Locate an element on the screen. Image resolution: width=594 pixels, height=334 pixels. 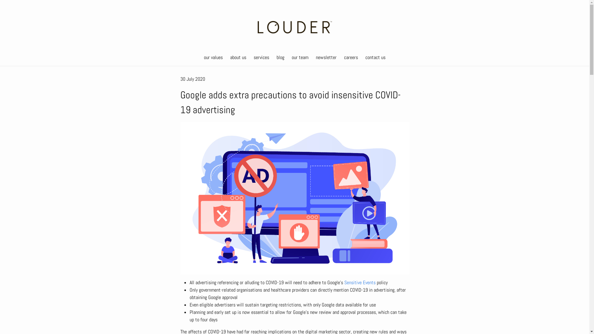
'blog' is located at coordinates (276, 57).